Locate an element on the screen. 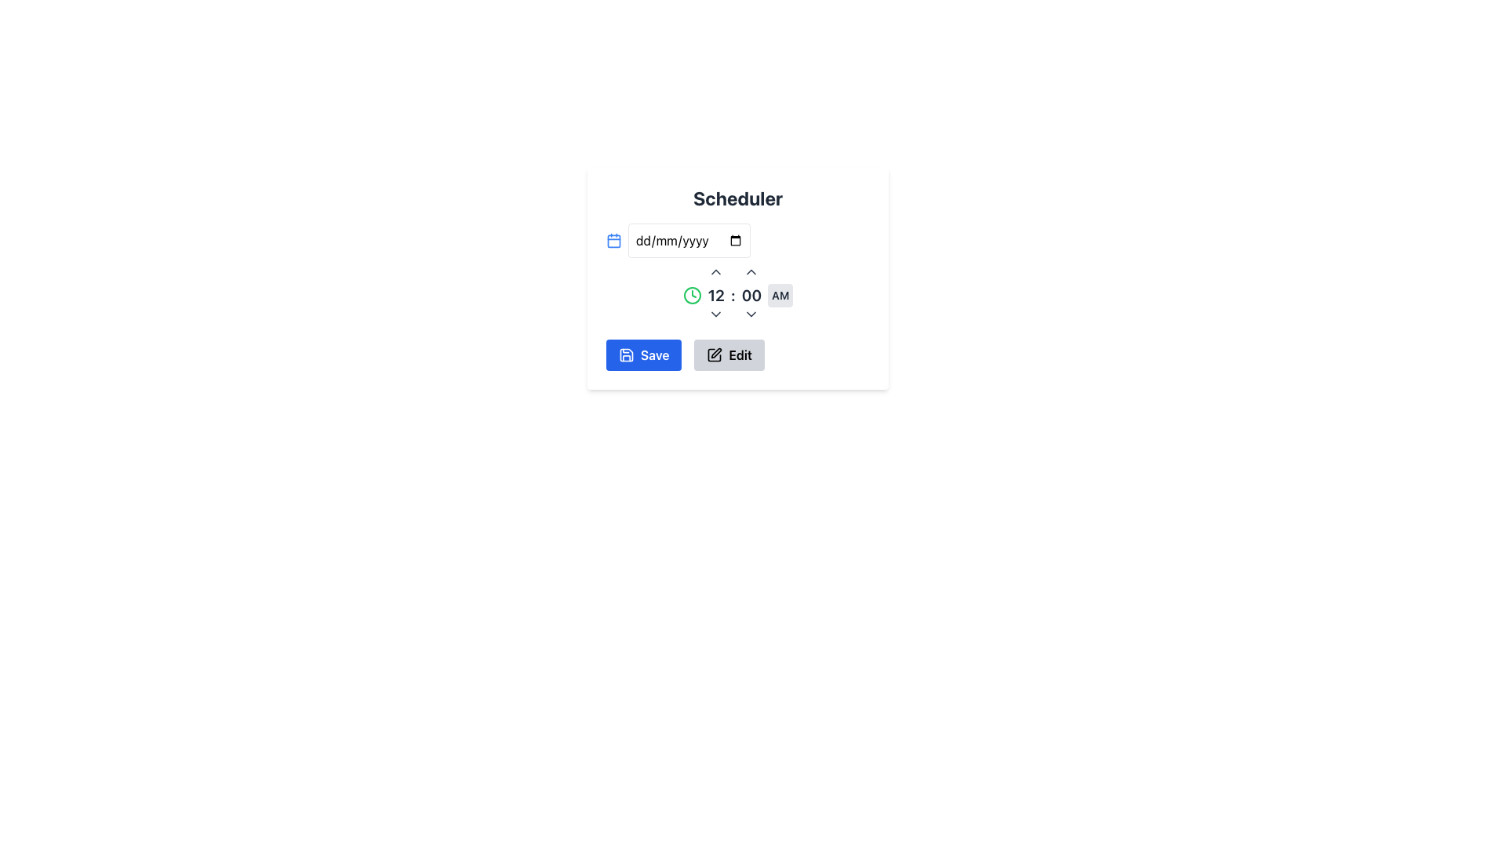 This screenshot has height=847, width=1506. the 'Edit' button, which is a rectangular button with rounded corners, light grey background, featuring a pencil icon and bold black text is located at coordinates (729, 354).